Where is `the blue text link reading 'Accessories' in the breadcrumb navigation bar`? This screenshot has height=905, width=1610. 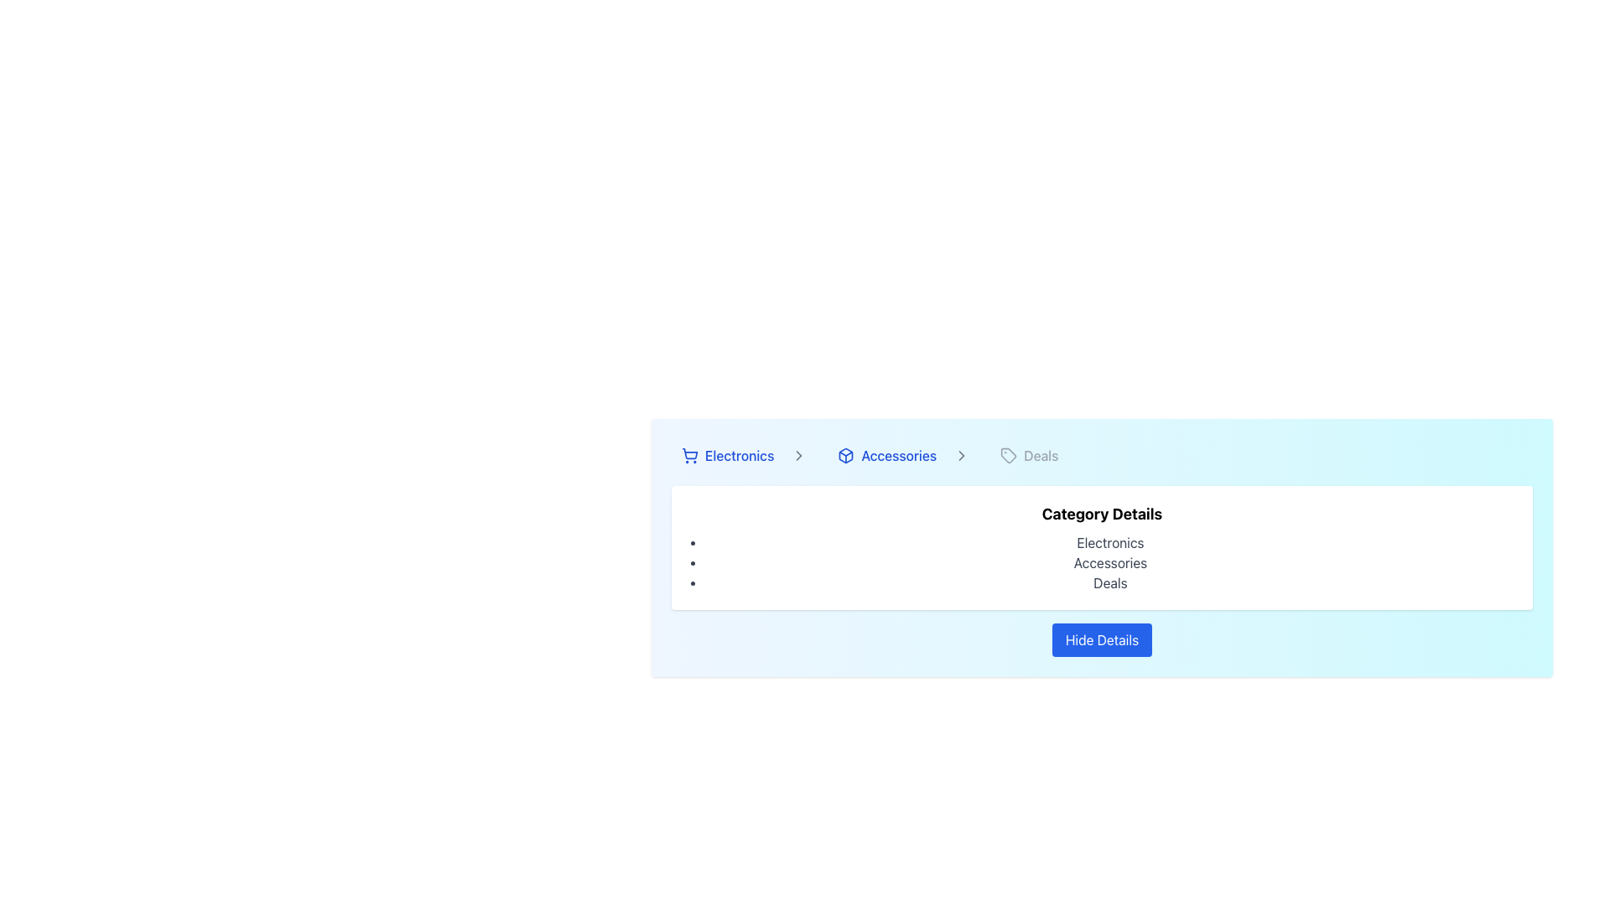
the blue text link reading 'Accessories' in the breadcrumb navigation bar is located at coordinates (897, 455).